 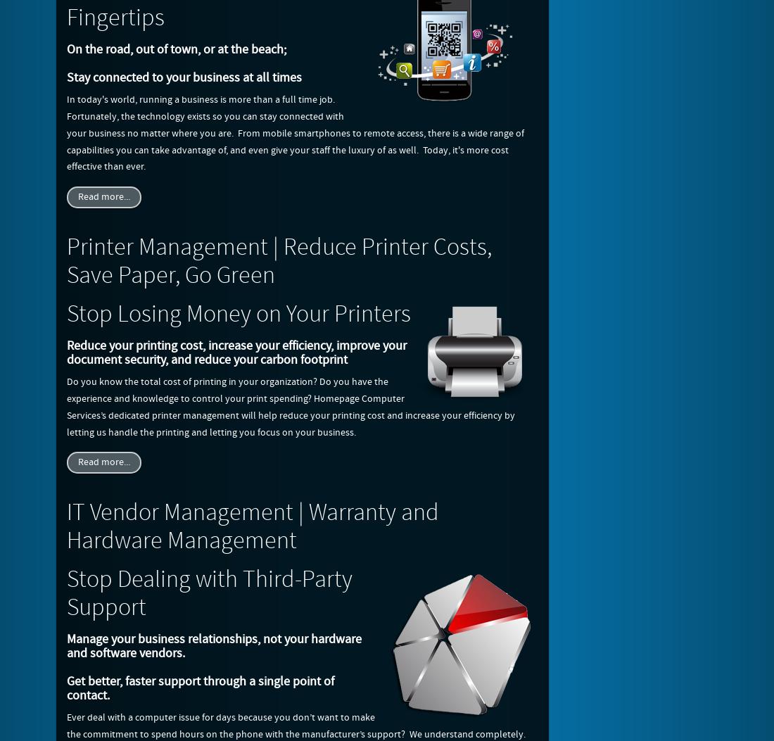 What do you see at coordinates (236, 353) in the screenshot?
I see `'Reduce your printing cost, increase your efficiency, improve your document security, and reduce your carbon footprint'` at bounding box center [236, 353].